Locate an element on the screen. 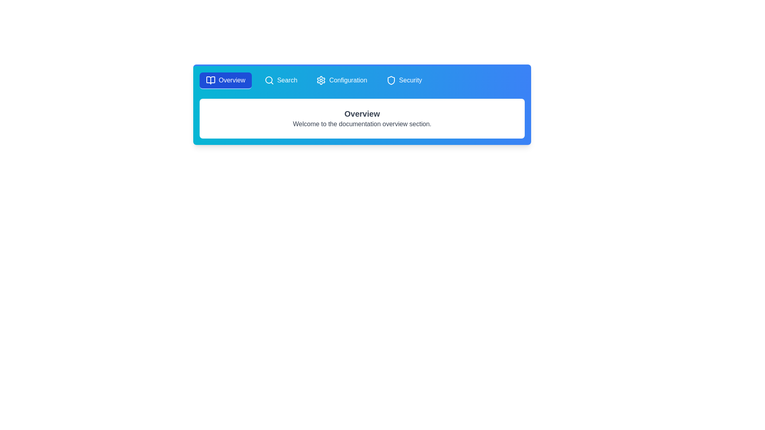 This screenshot has height=430, width=765. the 'Security' text label, which is part of the fourth button in the navigation bar indicating security actions is located at coordinates (410, 80).